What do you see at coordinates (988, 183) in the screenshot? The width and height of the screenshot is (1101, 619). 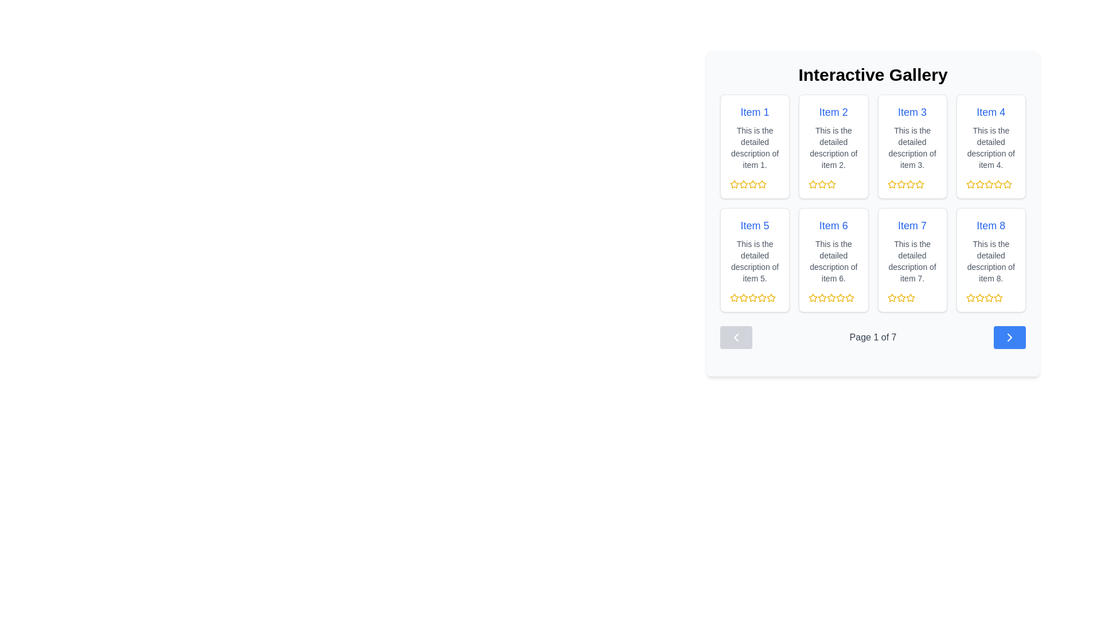 I see `the yellow star icon, which is the fourth star in a horizontal row of rating stars below the description of Item 4` at bounding box center [988, 183].